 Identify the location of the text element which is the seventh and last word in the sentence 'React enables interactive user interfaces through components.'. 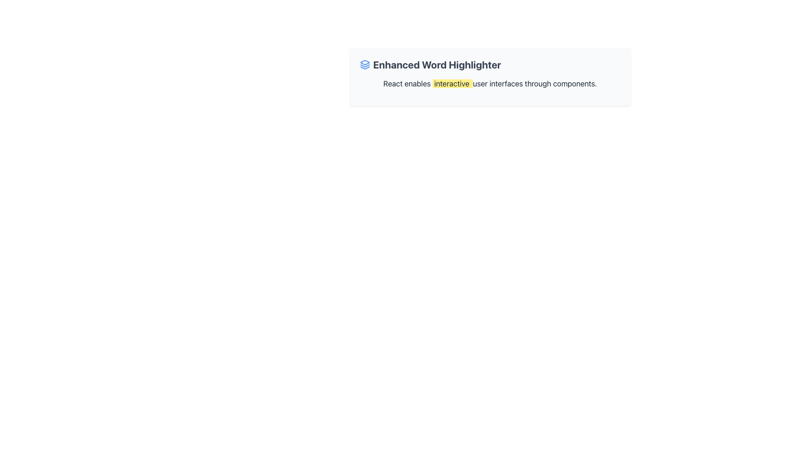
(574, 84).